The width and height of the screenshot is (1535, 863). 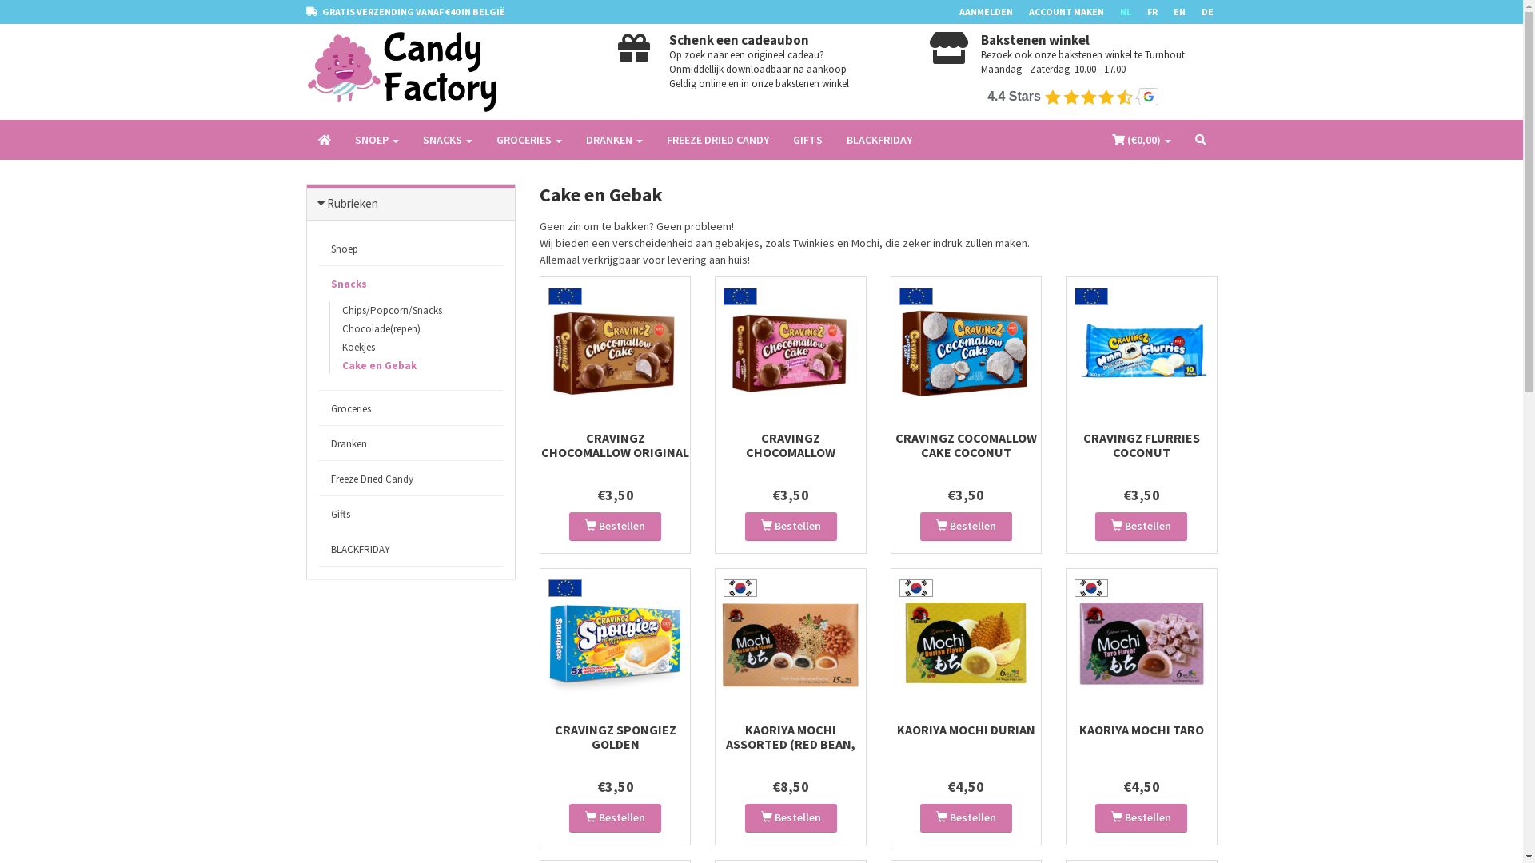 I want to click on 'Freeze Dried Candy', so click(x=410, y=478).